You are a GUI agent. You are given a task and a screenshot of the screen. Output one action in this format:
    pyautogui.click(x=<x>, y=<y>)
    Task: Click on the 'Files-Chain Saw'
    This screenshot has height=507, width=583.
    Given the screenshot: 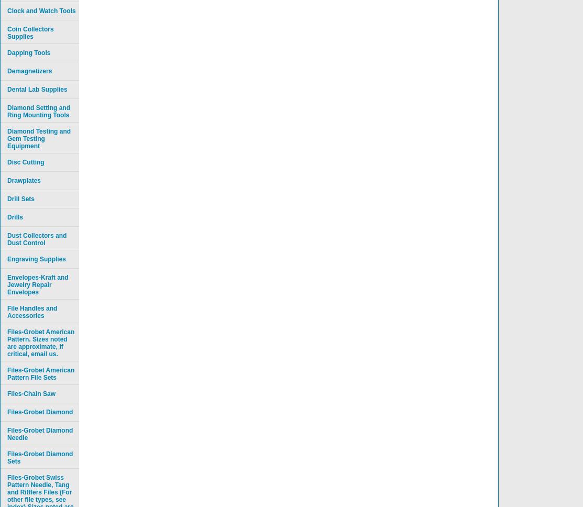 What is the action you would take?
    pyautogui.click(x=7, y=394)
    